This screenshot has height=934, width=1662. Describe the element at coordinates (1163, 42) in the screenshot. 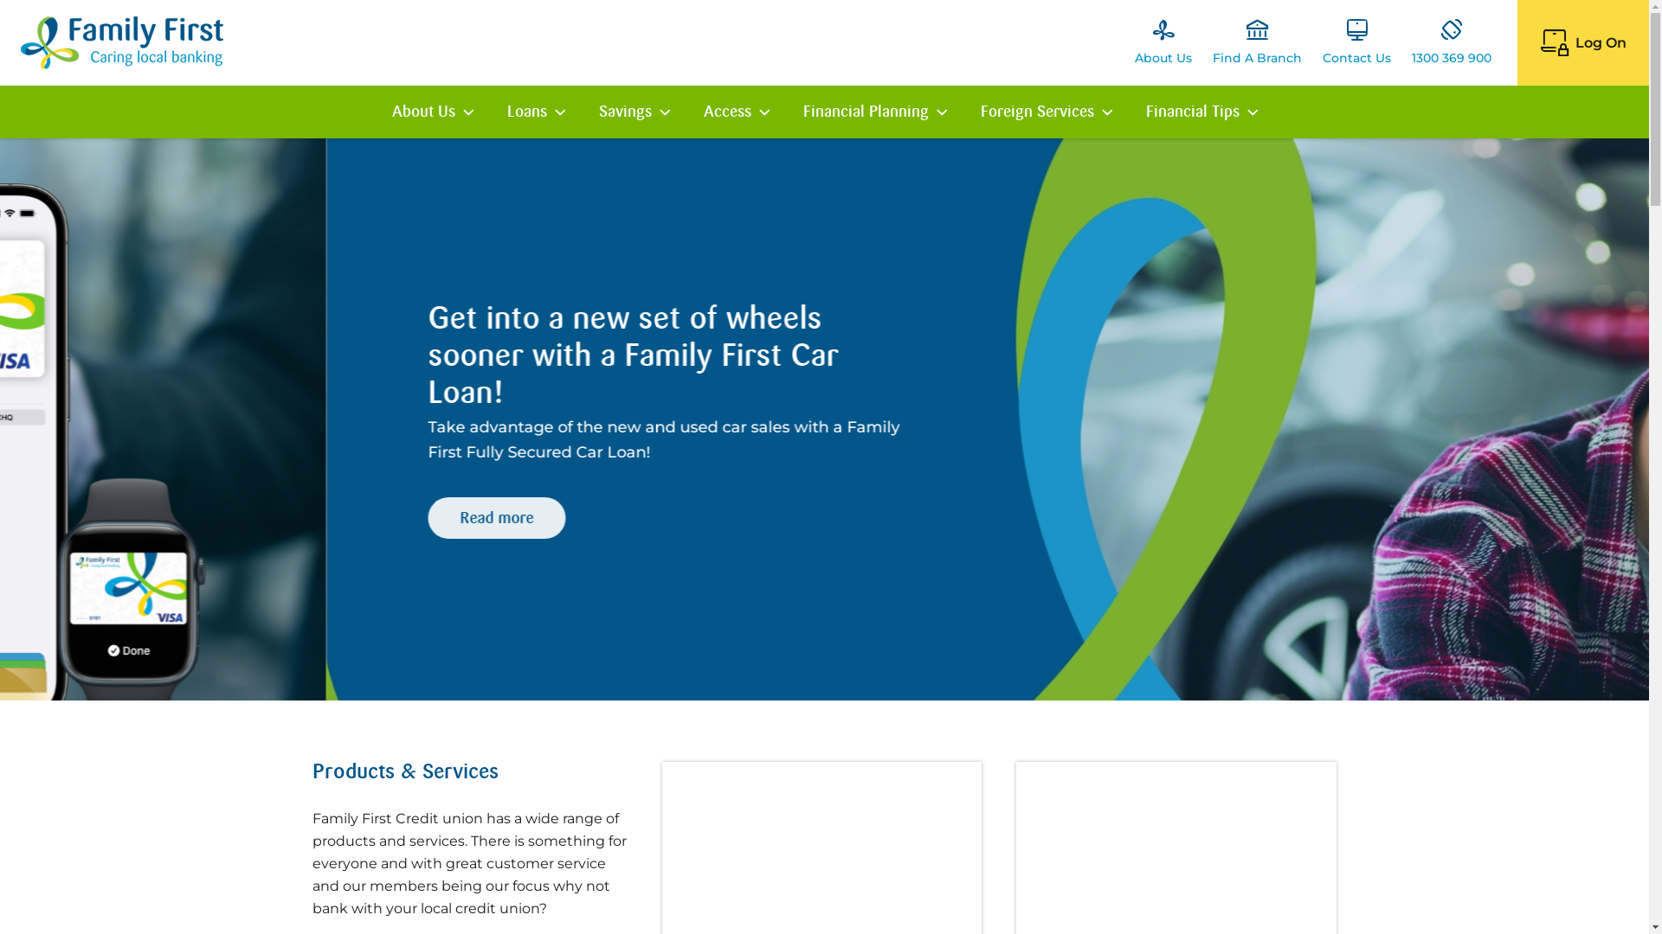

I see `'About Us'` at that location.